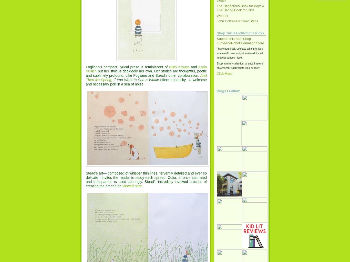 This screenshot has width=350, height=262. Describe the element at coordinates (136, 79) in the screenshot. I see `'If You Want to See a Whale'` at that location.